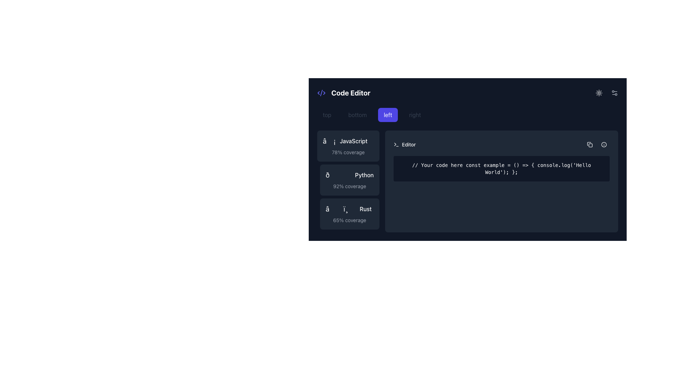 The height and width of the screenshot is (382, 679). Describe the element at coordinates (349, 220) in the screenshot. I see `the summary information provided by the text label indicating the test coverage percentage` at that location.